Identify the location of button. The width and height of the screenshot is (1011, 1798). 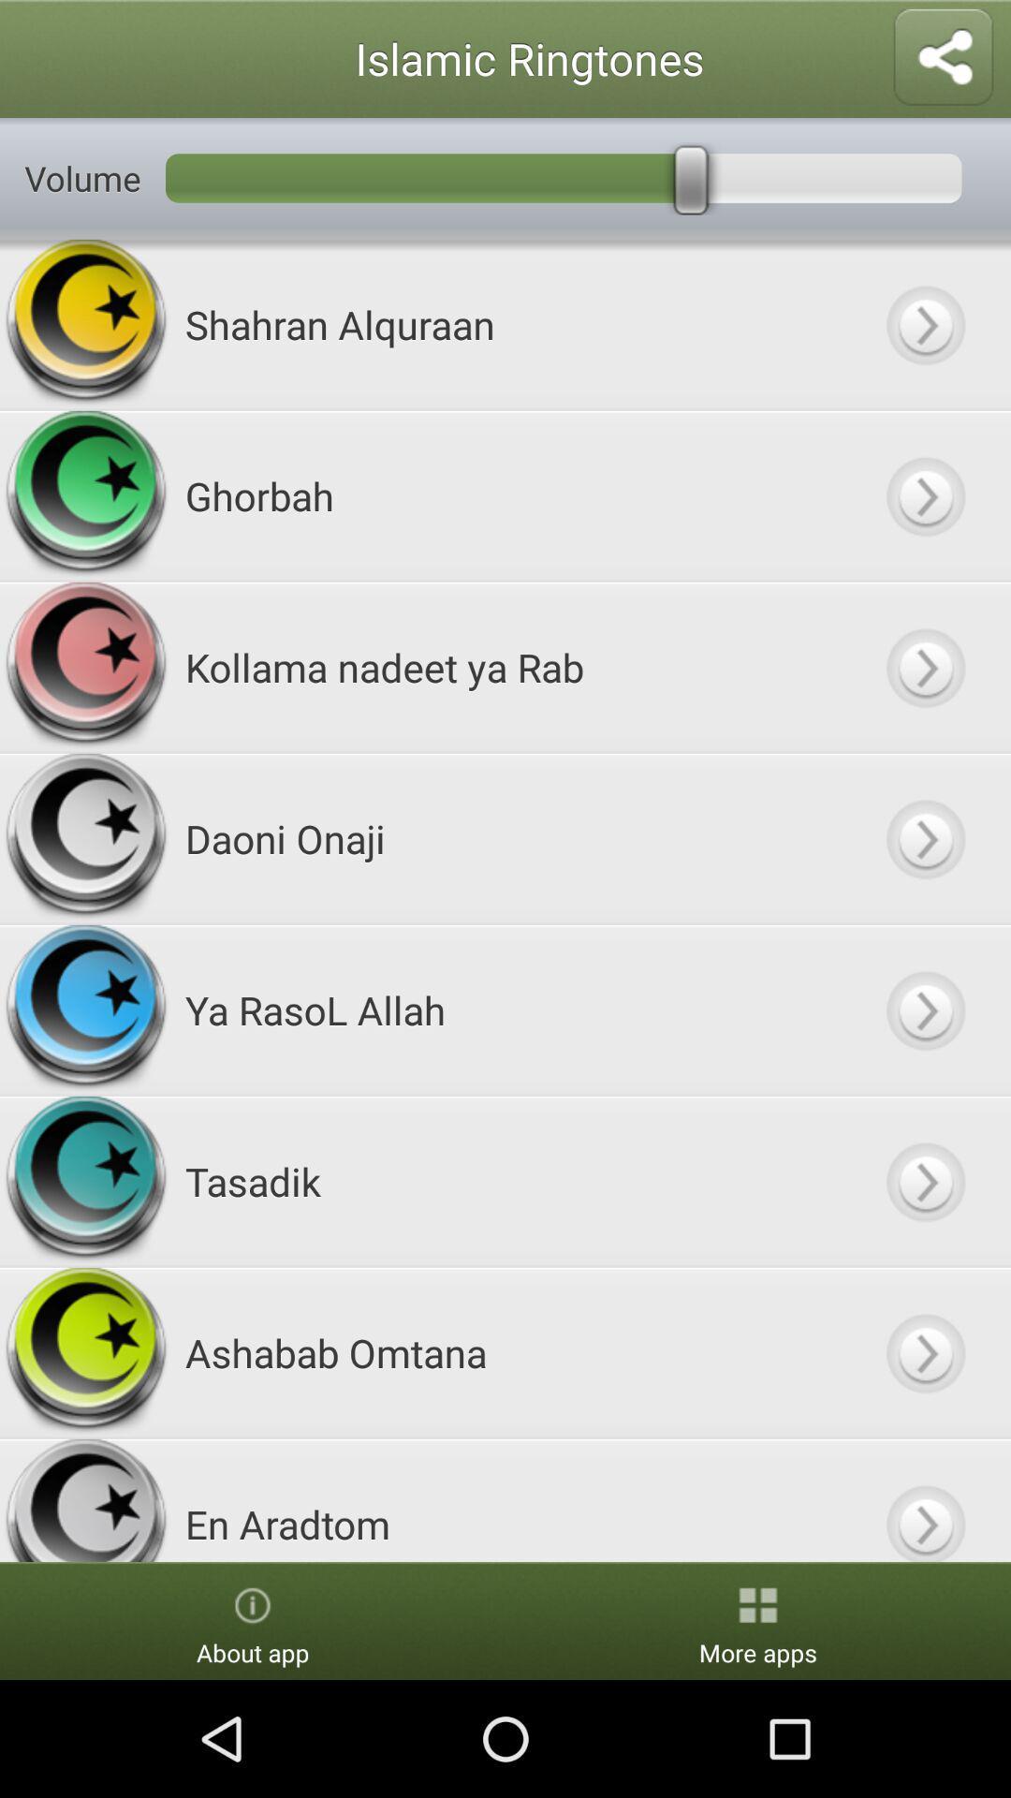
(924, 667).